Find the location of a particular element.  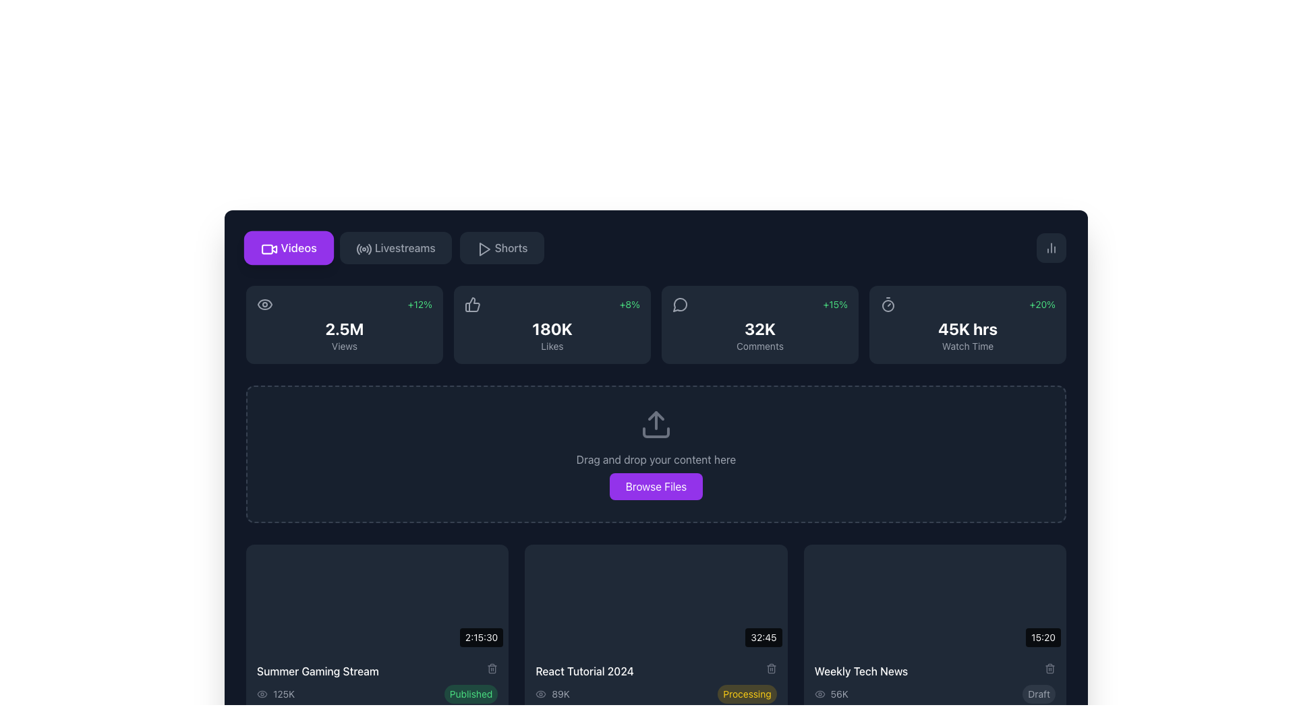

the Preview thumbnail component for the video titled 'React Tutorial 2024', which has a dark blue background and a timestamp '32:45' in the bottom-right corner is located at coordinates (656, 597).